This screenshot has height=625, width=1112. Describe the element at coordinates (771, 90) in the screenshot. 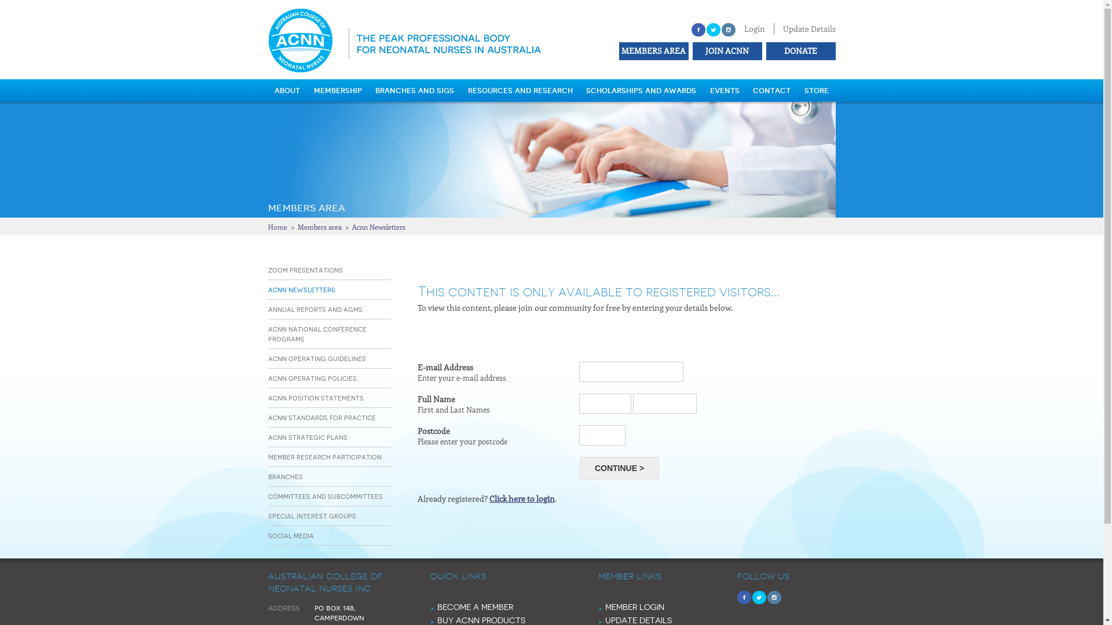

I see `'contact'` at that location.